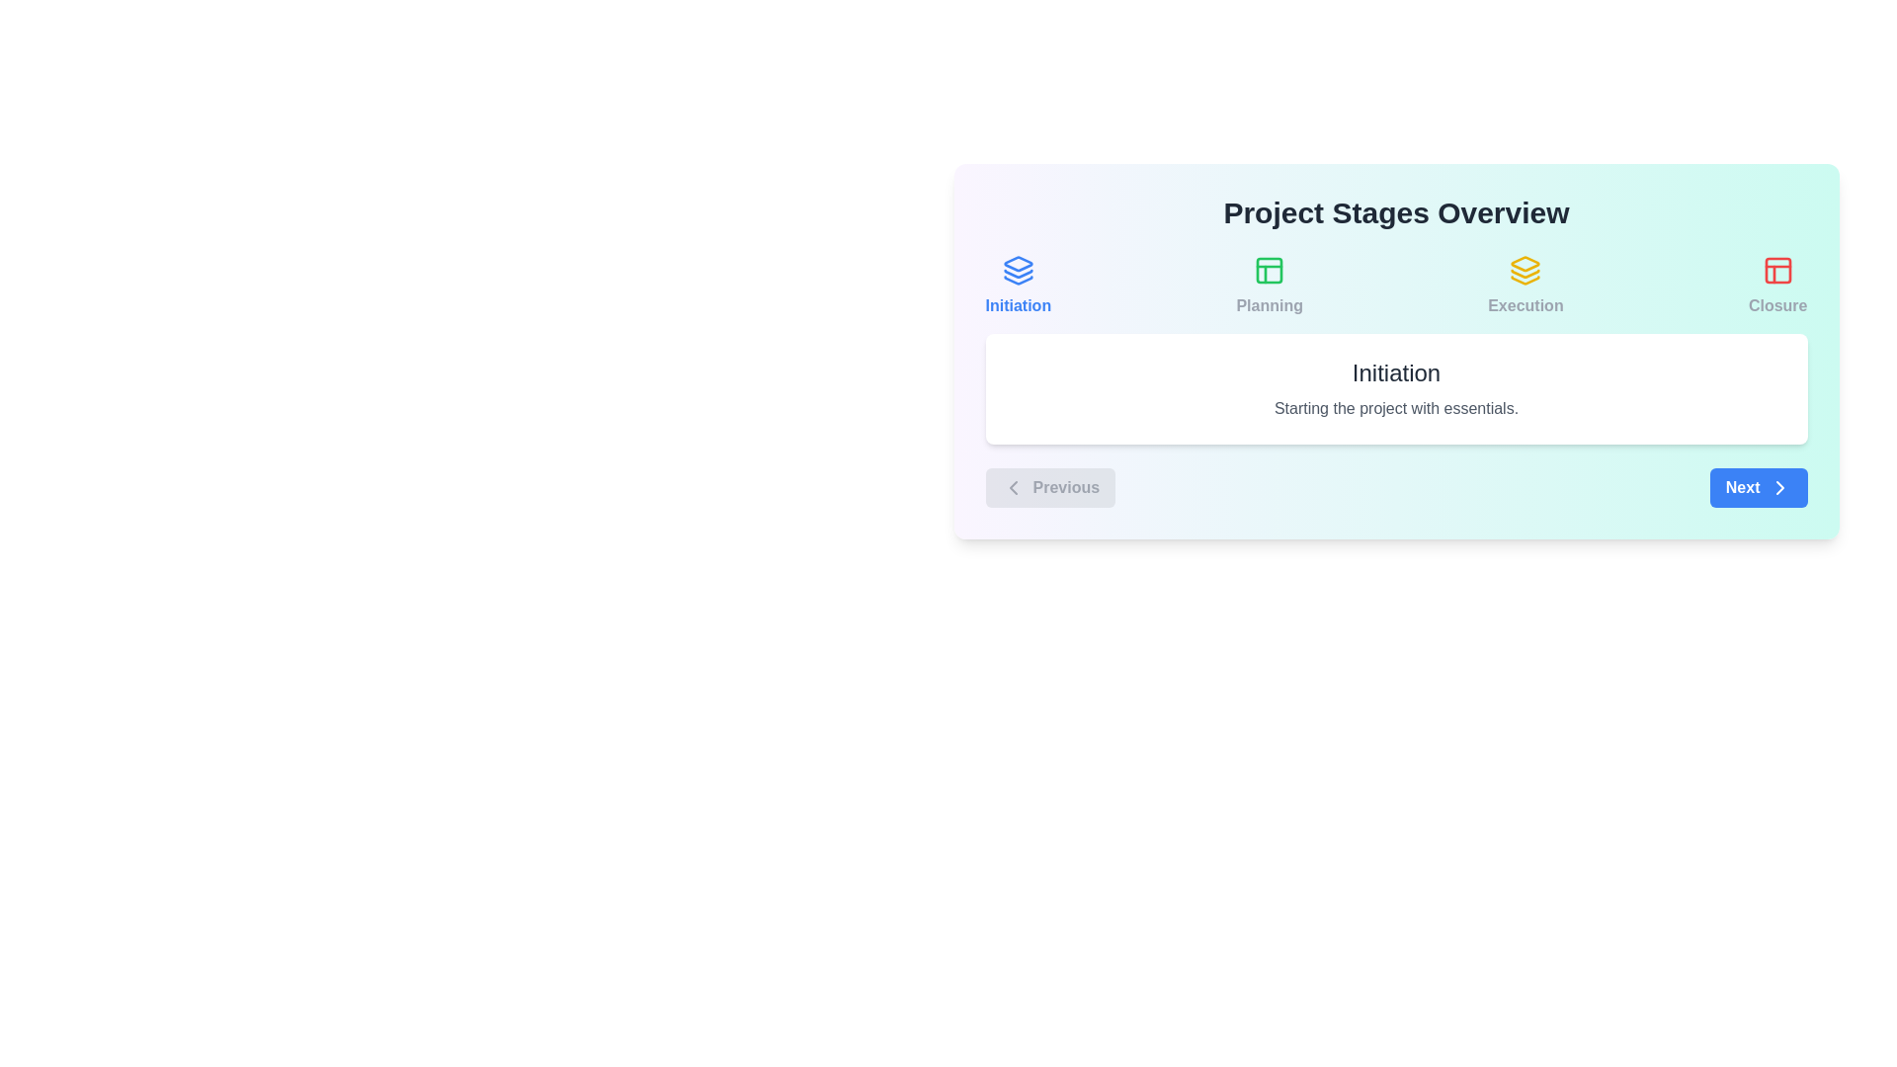  Describe the element at coordinates (1270, 286) in the screenshot. I see `the 'Planning' informational icon and text label, which is the second item in the 'Project Stages Overview' aligned horizontally between 'Initiation' and 'Execution'` at that location.